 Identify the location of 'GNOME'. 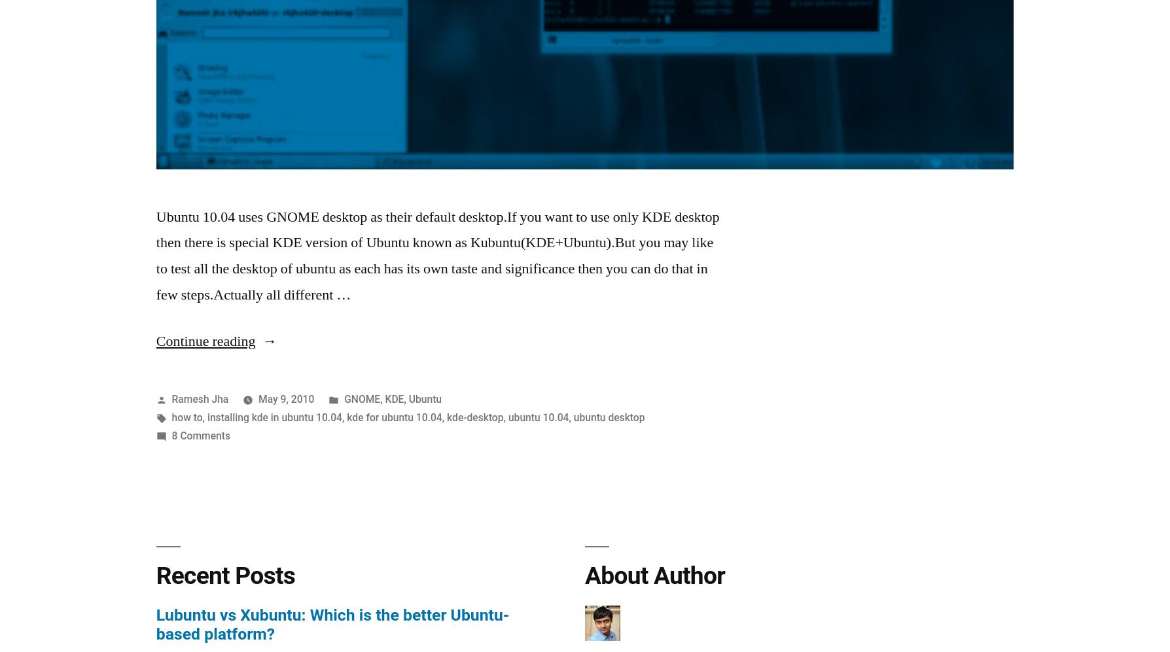
(362, 398).